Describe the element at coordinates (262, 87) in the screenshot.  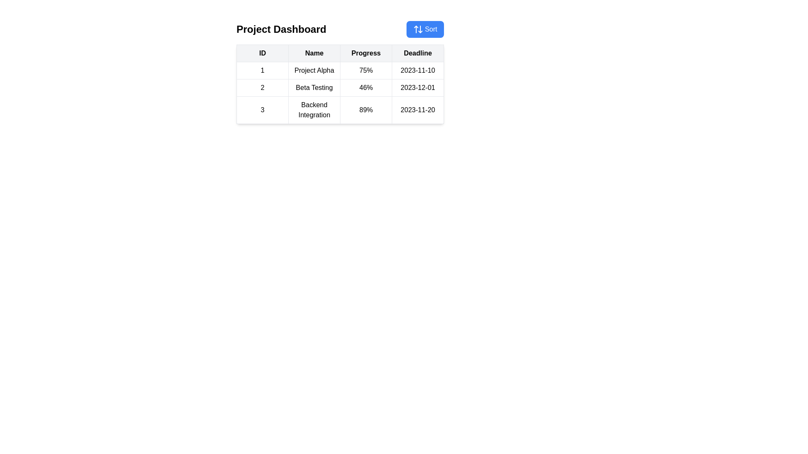
I see `the static text element displaying the number '2', which is located in the first column of the second row under the 'ID' heading in the table` at that location.